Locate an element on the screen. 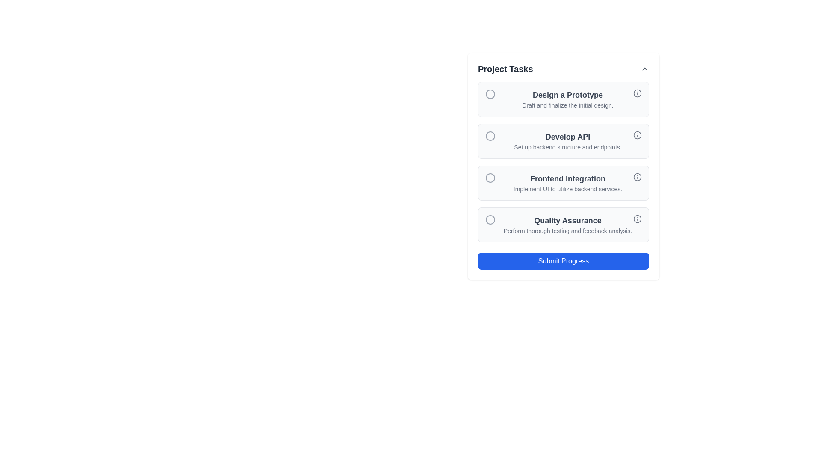 Image resolution: width=821 pixels, height=461 pixels. the text label that reads 'Perform thorough testing and feedback analysis.' which is styled in a grayish font and positioned below the header 'Quality Assurance.' is located at coordinates (568, 230).